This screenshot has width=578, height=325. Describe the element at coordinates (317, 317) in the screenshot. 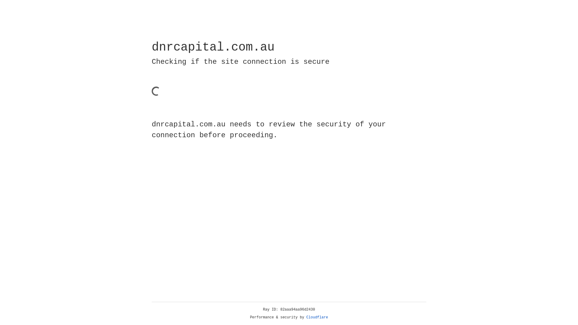

I see `'Cloudflare'` at that location.